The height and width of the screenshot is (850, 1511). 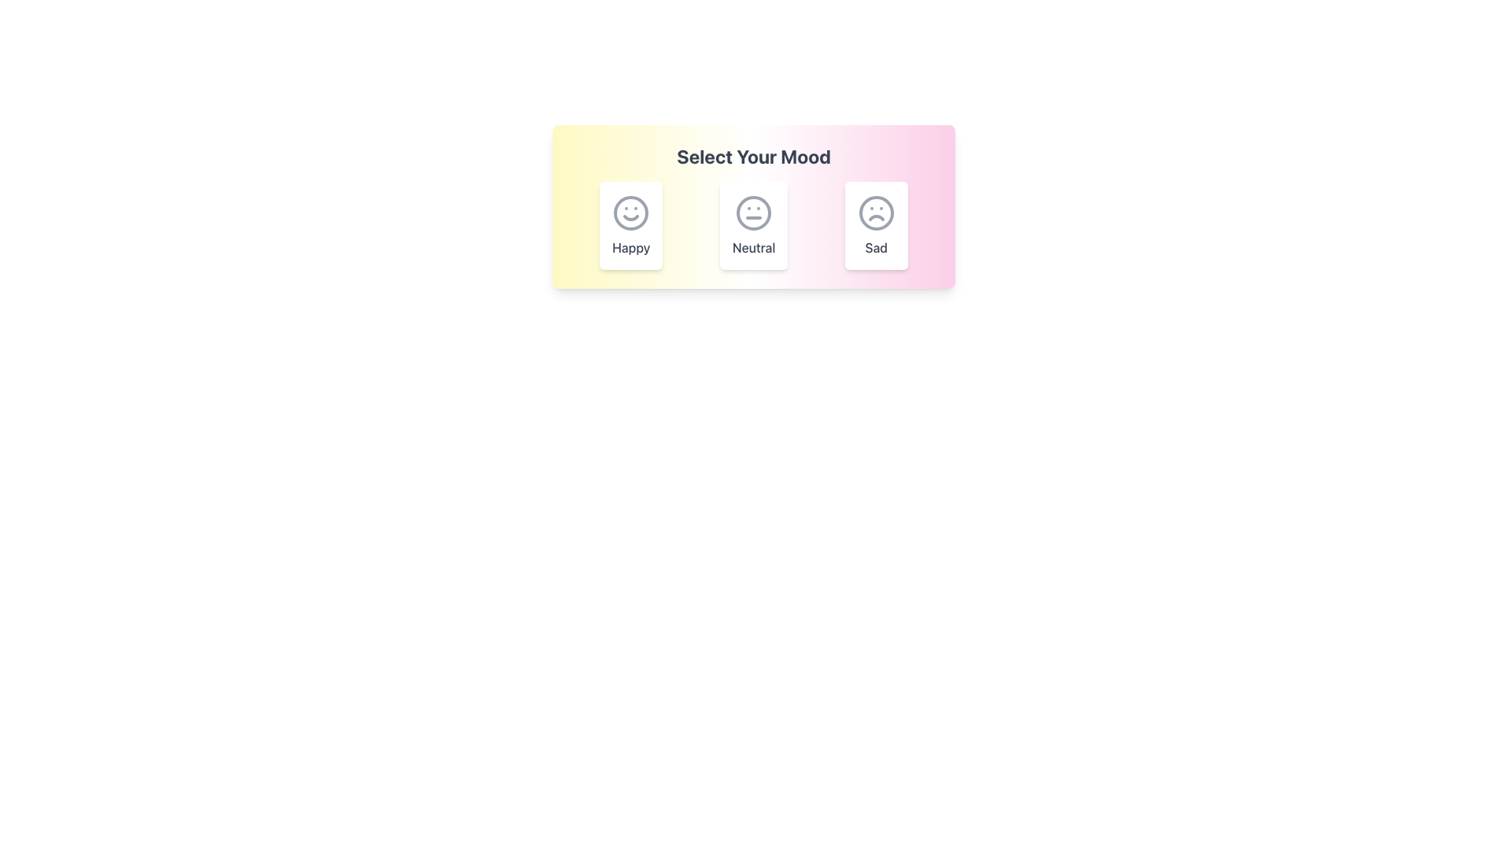 I want to click on text label 'Happy' which is styled with a medium font weight and gray color, located below the smiling face icon in the first card of three horizontally aligned cards, so click(x=631, y=248).